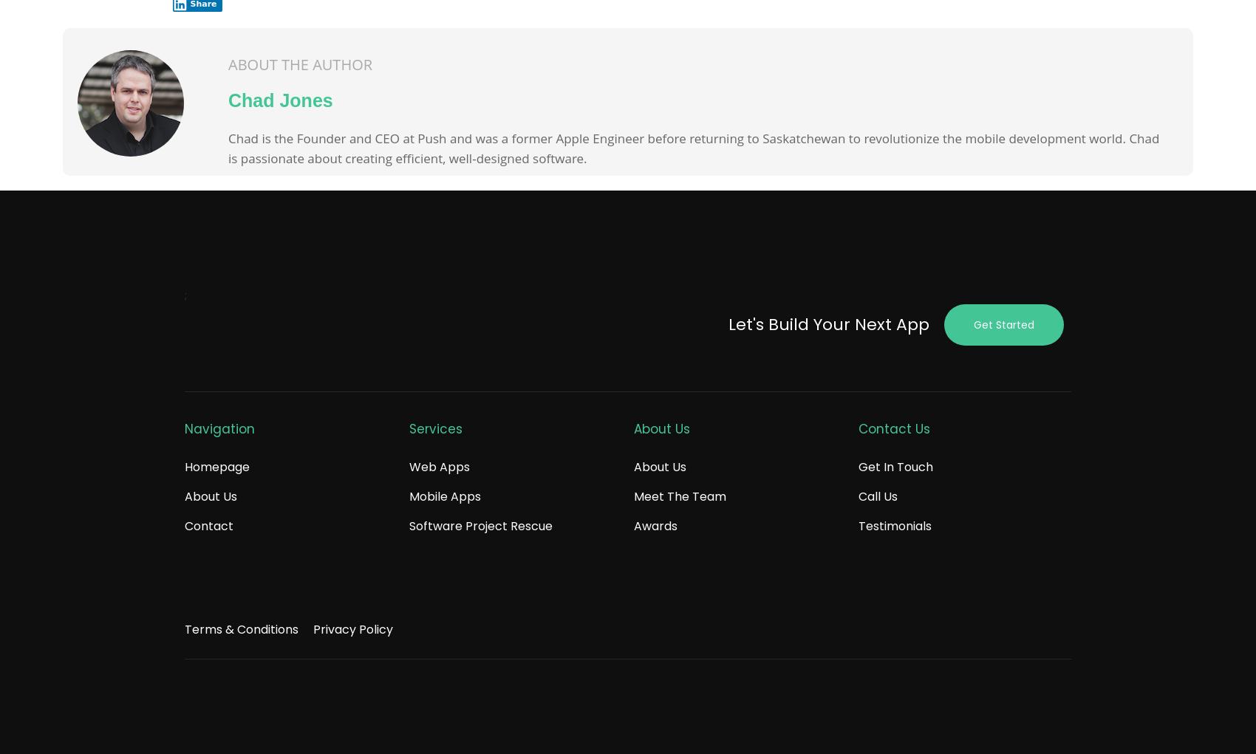 This screenshot has height=754, width=1256. What do you see at coordinates (209, 525) in the screenshot?
I see `'Contact'` at bounding box center [209, 525].